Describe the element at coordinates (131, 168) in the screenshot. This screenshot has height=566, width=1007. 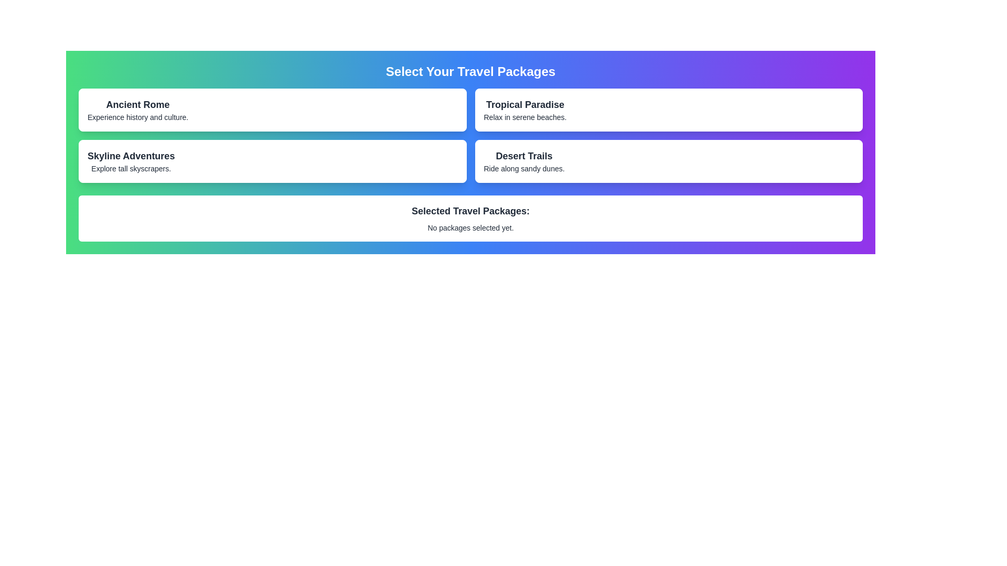
I see `the Text label displaying 'Explore tall skyscrapers.' located under the heading 'Skyline Adventures'` at that location.